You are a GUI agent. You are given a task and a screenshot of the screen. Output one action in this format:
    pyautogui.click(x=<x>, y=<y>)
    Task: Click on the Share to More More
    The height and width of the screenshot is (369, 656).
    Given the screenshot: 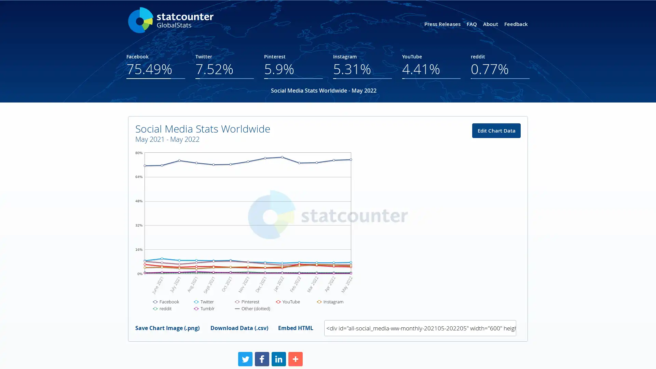 What is the action you would take?
    pyautogui.click(x=367, y=358)
    